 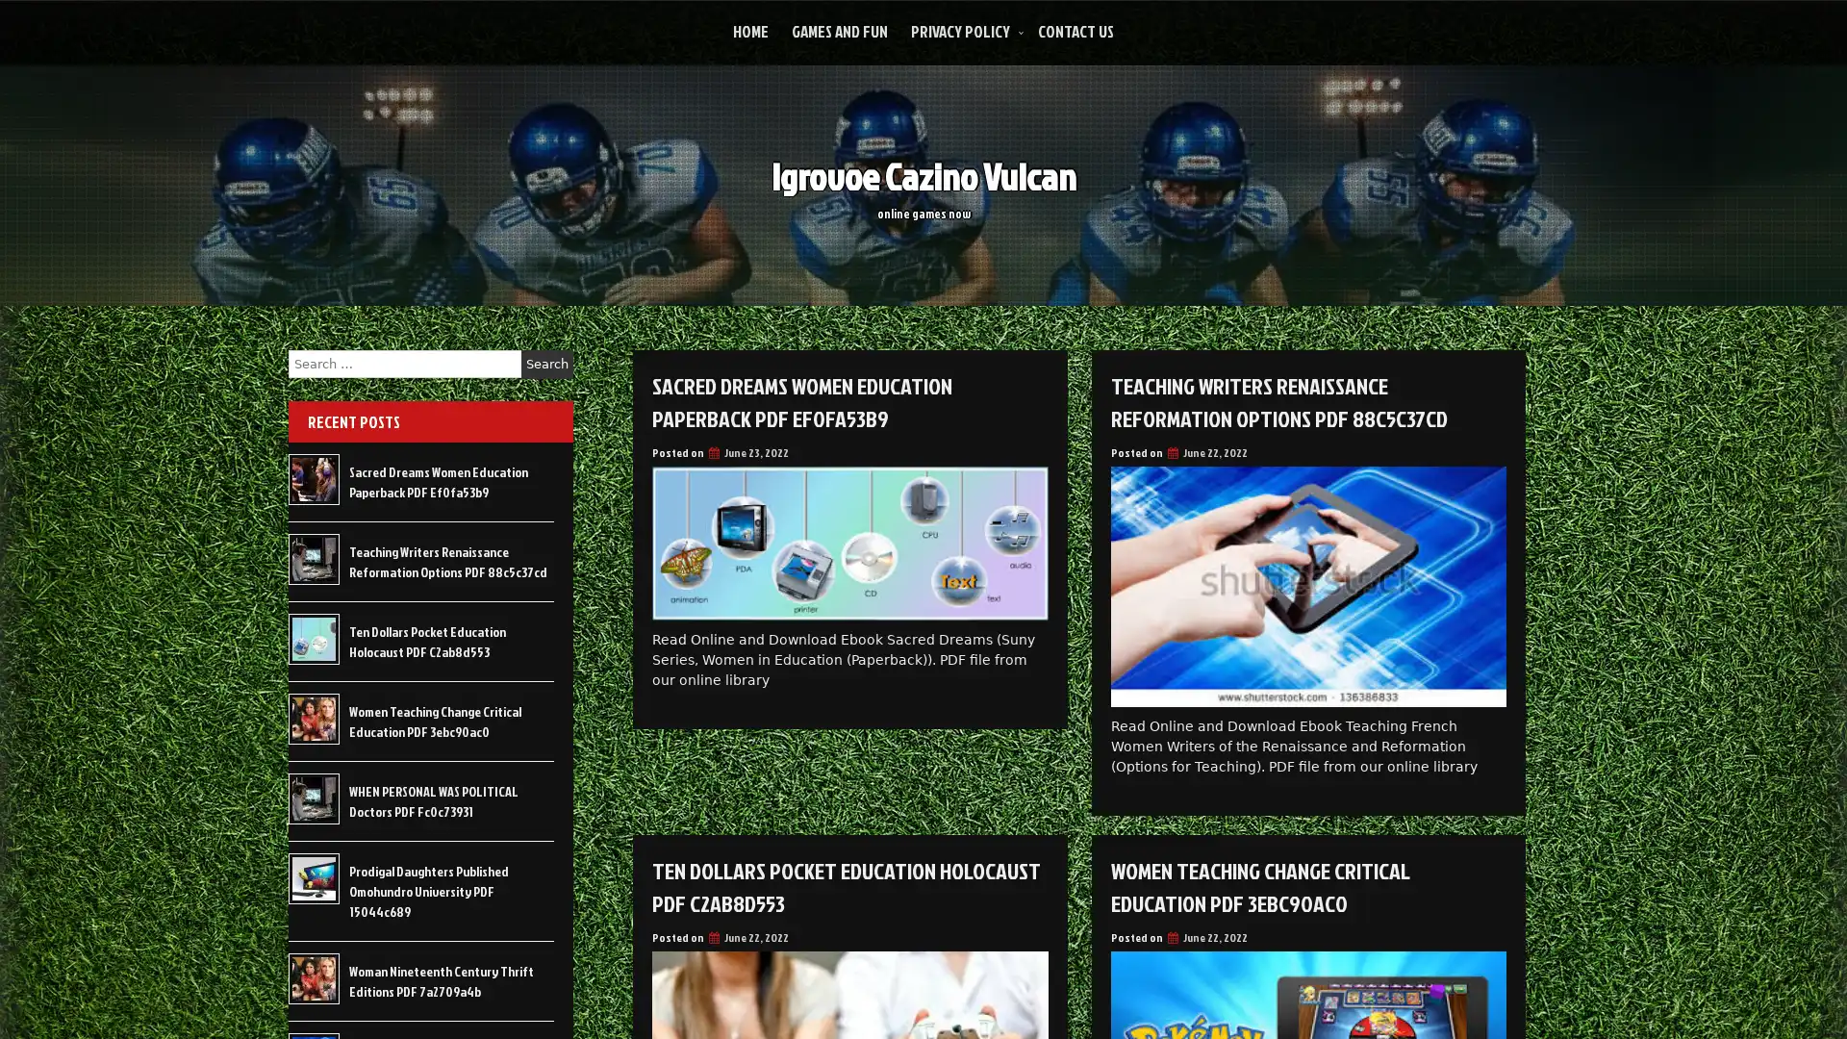 What do you see at coordinates (546, 364) in the screenshot?
I see `Search` at bounding box center [546, 364].